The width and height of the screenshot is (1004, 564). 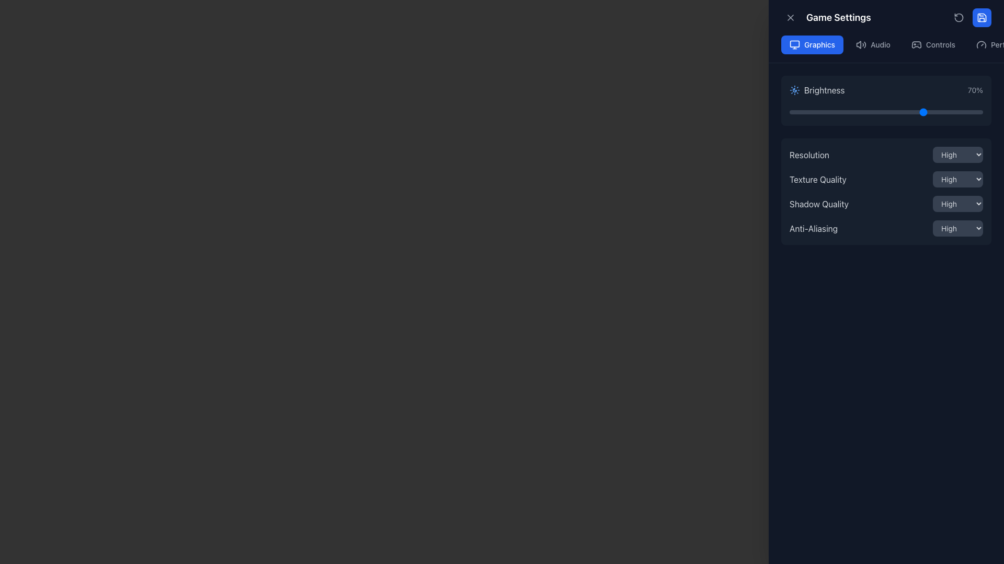 I want to click on the button that navigates to the Audio settings section, located, so click(x=873, y=44).